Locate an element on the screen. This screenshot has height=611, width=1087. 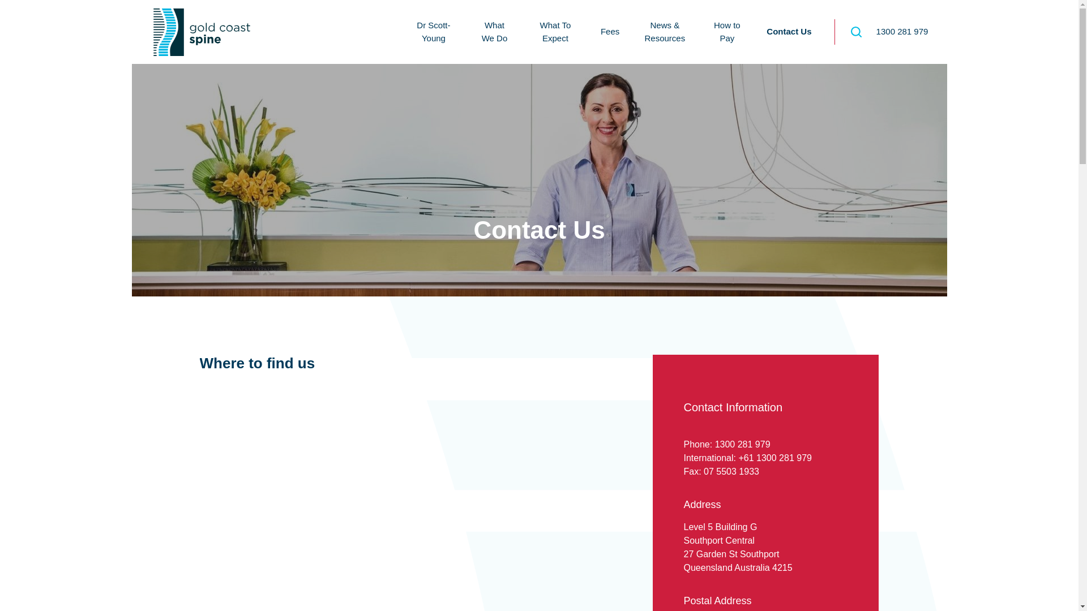
'How to Pay' is located at coordinates (726, 31).